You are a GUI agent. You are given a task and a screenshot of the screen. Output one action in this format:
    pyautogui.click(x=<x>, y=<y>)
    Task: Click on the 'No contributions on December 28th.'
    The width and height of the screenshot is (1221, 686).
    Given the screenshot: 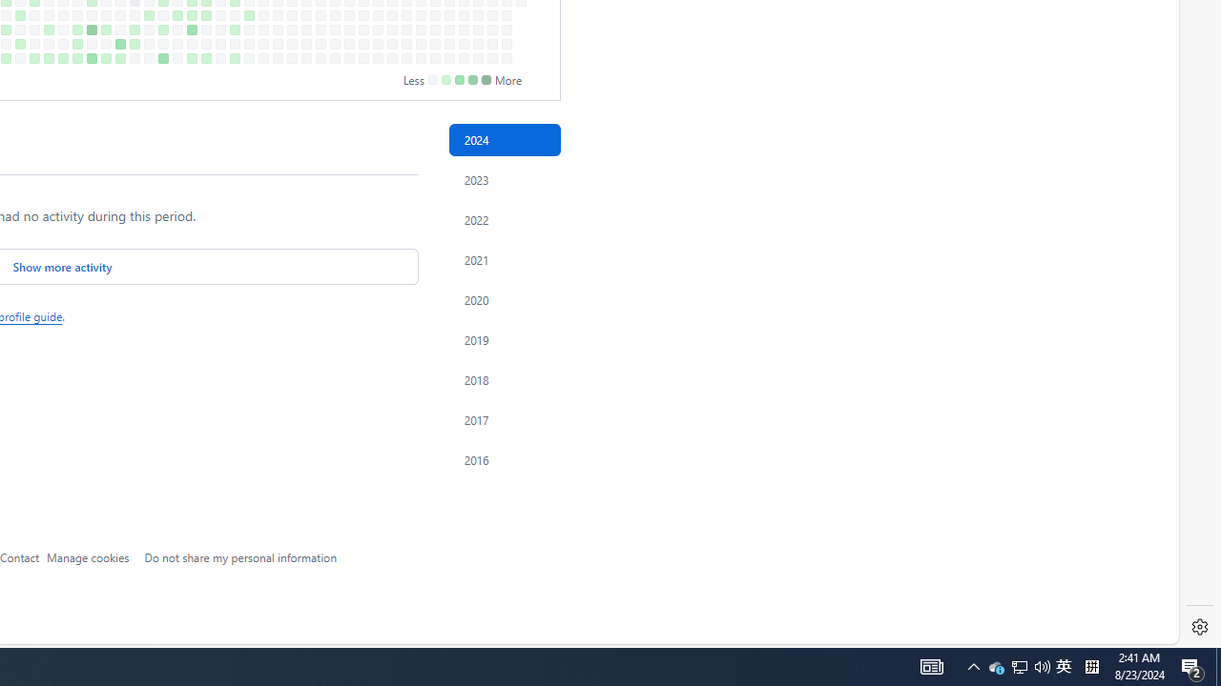 What is the action you would take?
    pyautogui.click(x=507, y=57)
    